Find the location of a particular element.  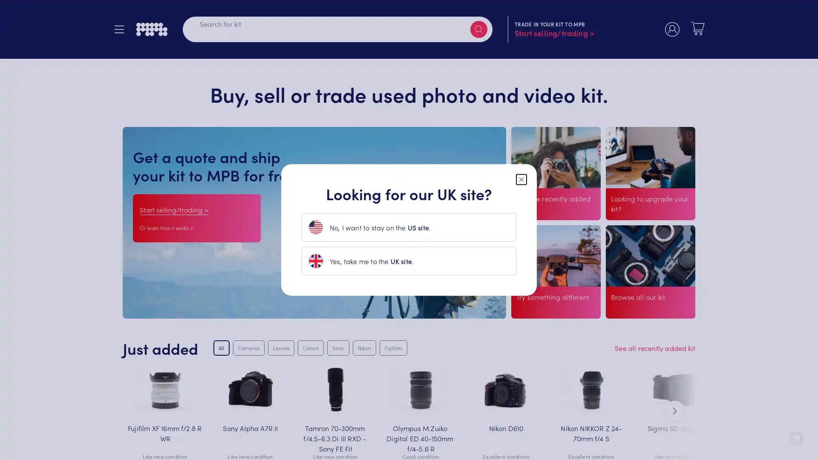

Or learn how it works > is located at coordinates (166, 227).